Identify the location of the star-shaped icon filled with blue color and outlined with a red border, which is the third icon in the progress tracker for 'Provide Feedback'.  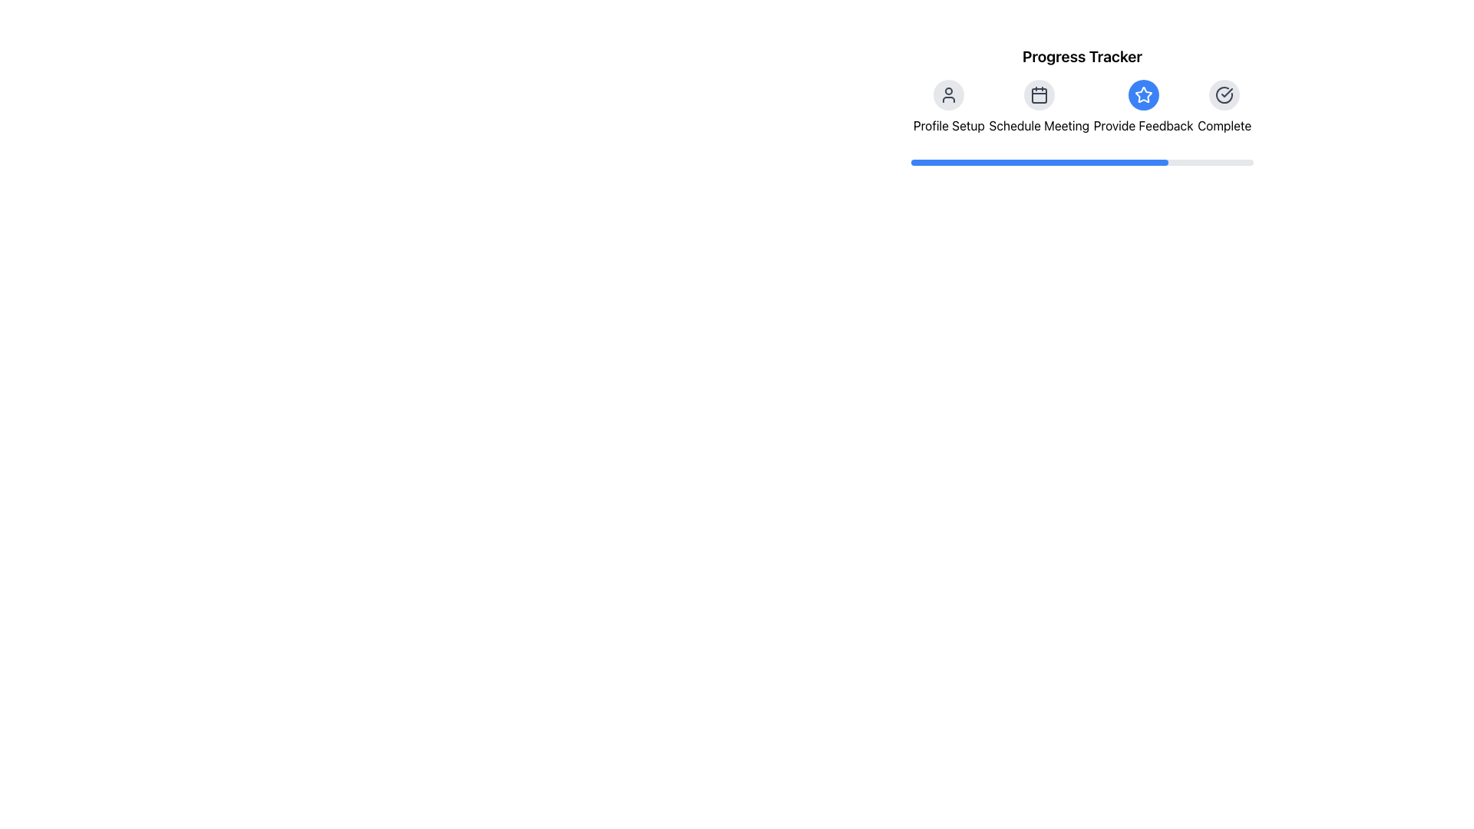
(1143, 94).